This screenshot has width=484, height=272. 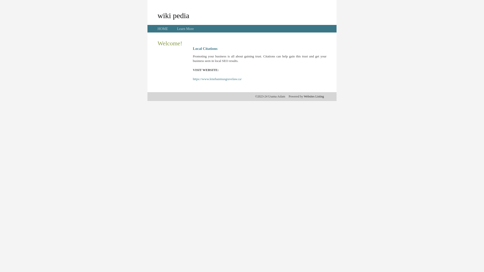 What do you see at coordinates (173, 15) in the screenshot?
I see `'wiki pedia'` at bounding box center [173, 15].